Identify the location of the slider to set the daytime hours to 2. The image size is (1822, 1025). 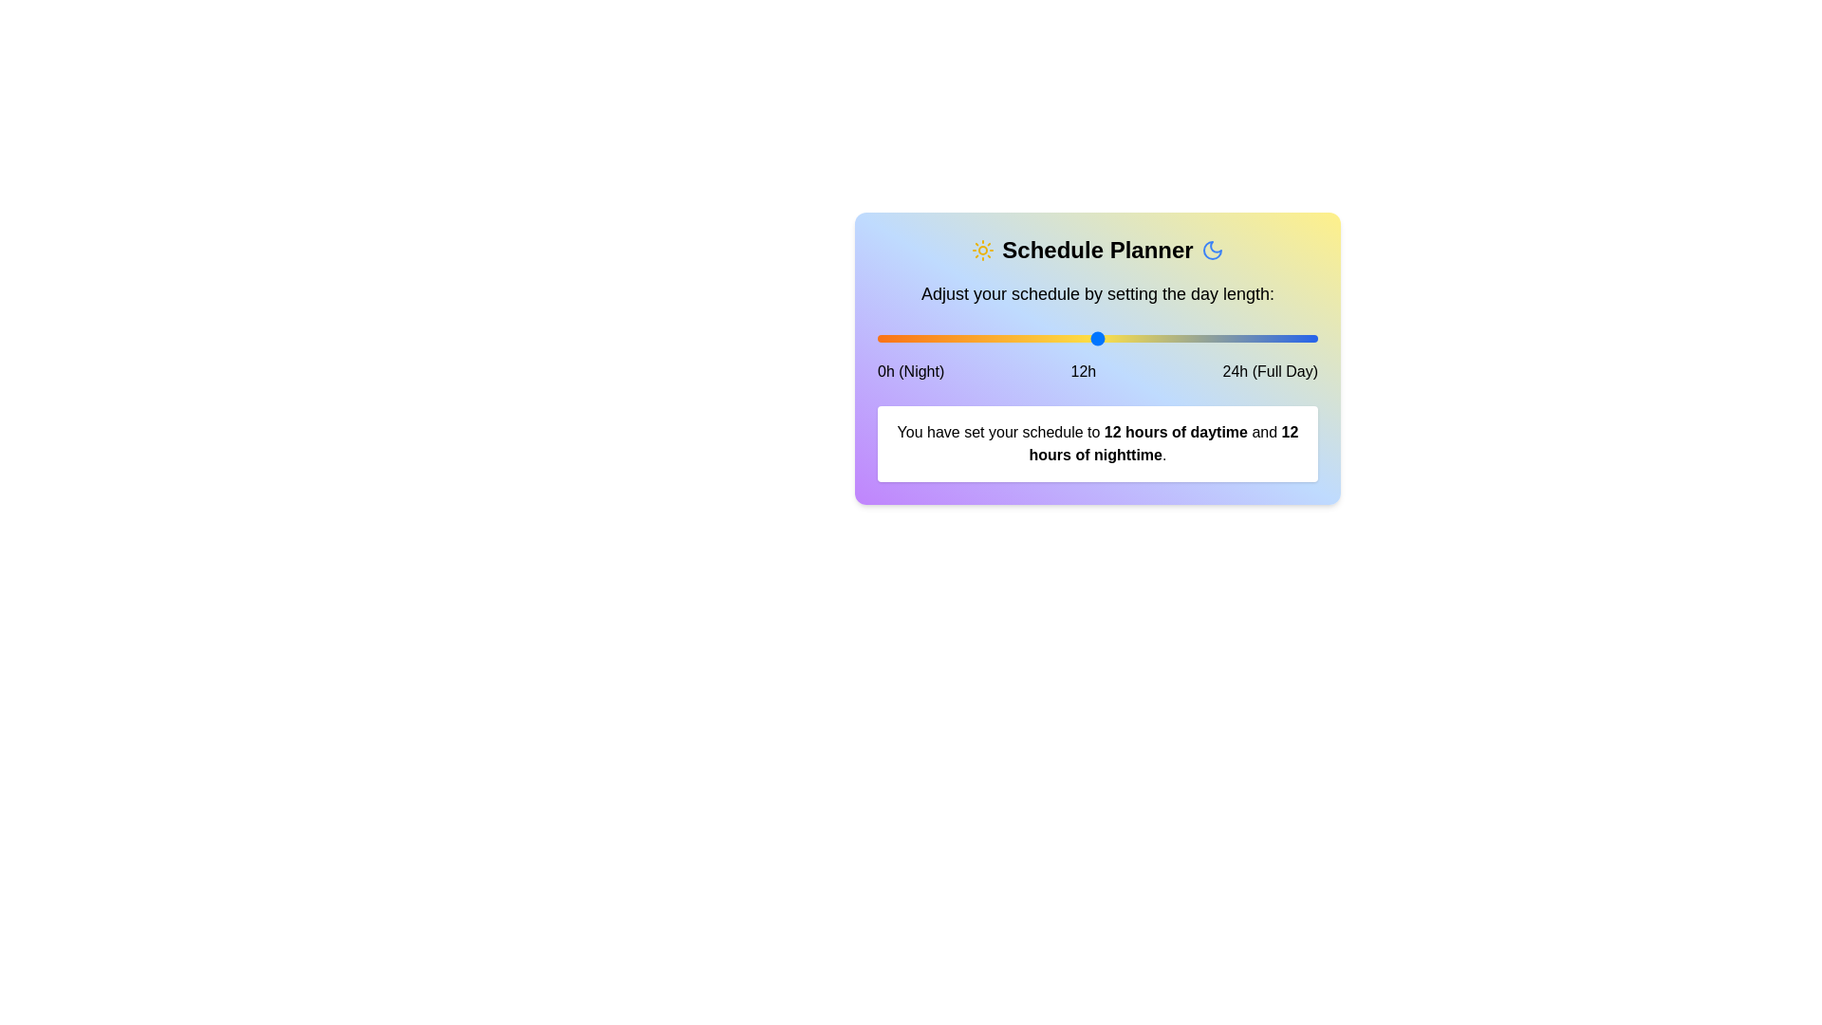
(914, 338).